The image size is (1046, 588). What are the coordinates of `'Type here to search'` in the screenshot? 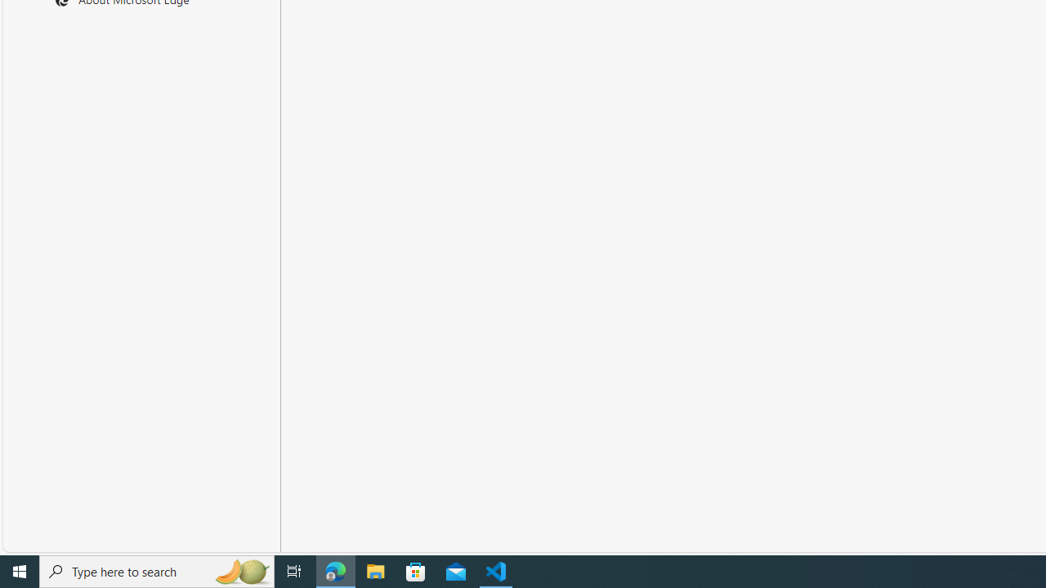 It's located at (157, 570).